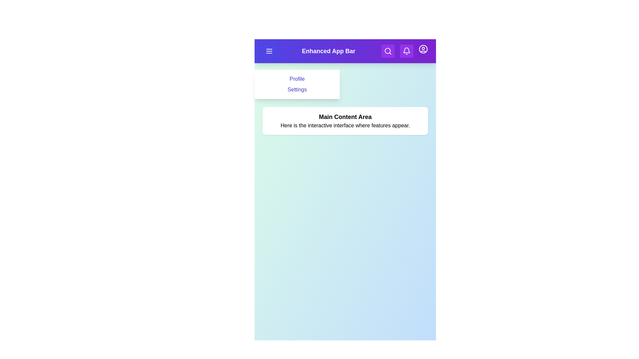  What do you see at coordinates (406, 51) in the screenshot?
I see `the bell icon to check notifications` at bounding box center [406, 51].